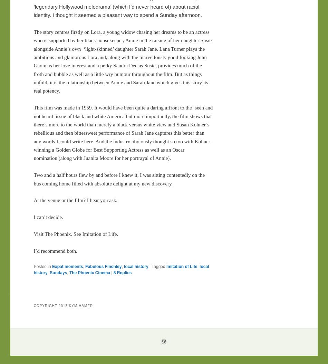 This screenshot has width=328, height=364. I want to click on 'Fabulous Finchley', so click(103, 266).